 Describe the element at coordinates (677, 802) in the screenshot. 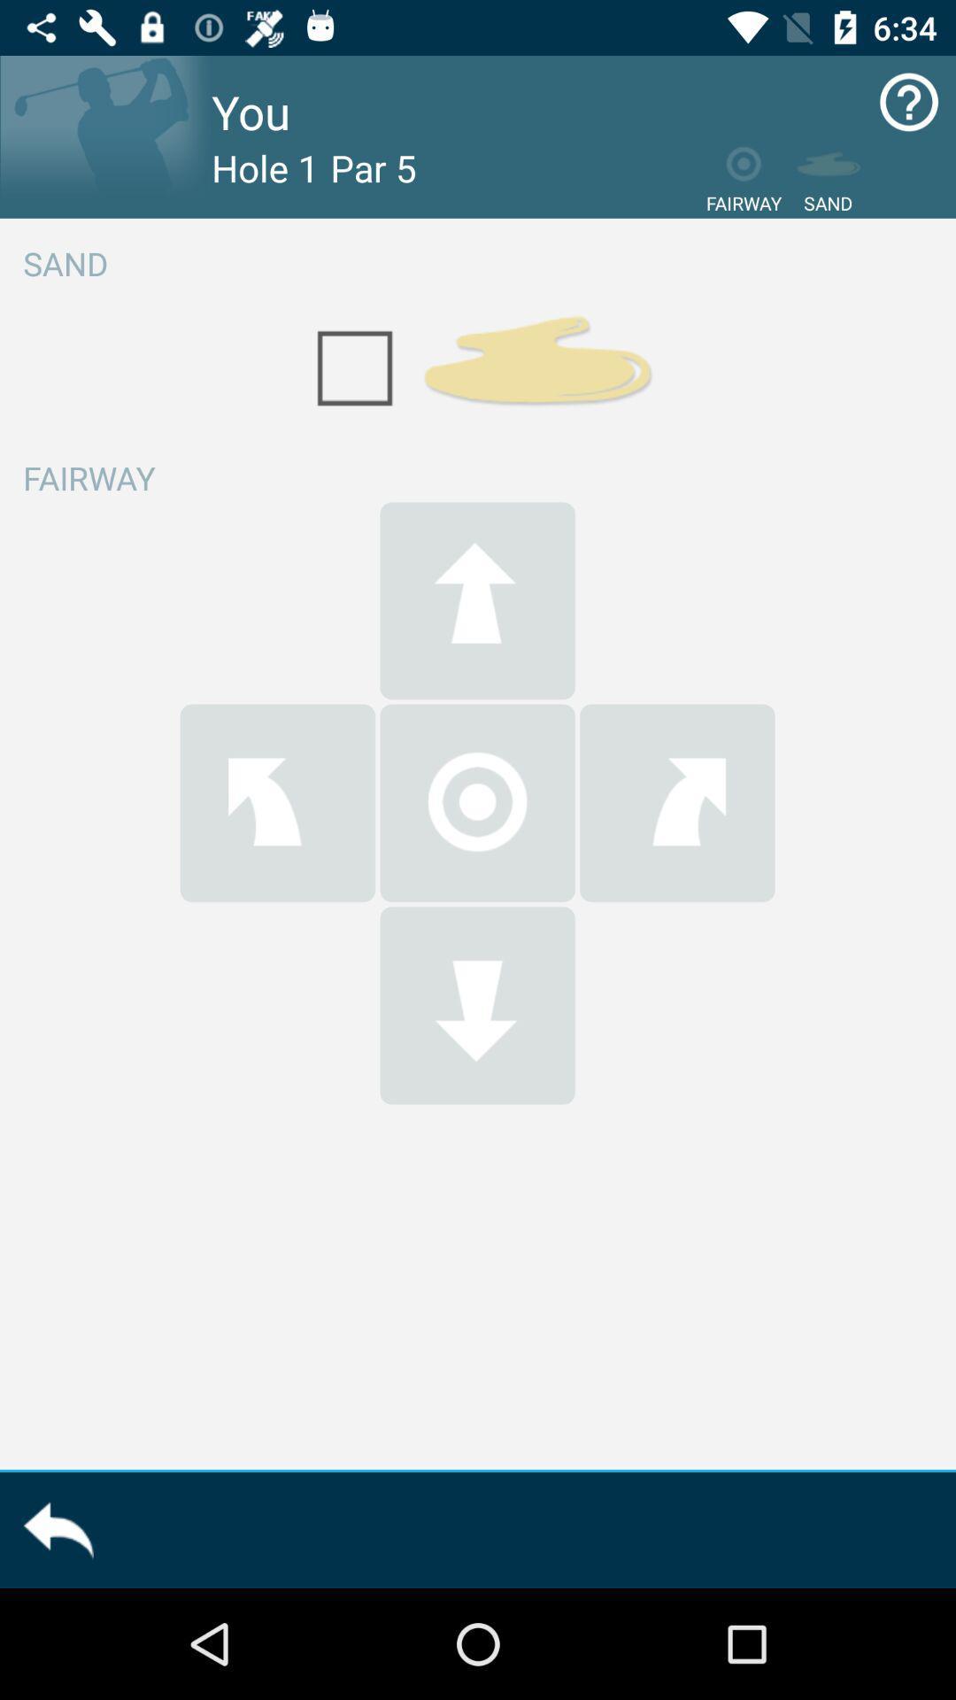

I see `turn right button` at that location.